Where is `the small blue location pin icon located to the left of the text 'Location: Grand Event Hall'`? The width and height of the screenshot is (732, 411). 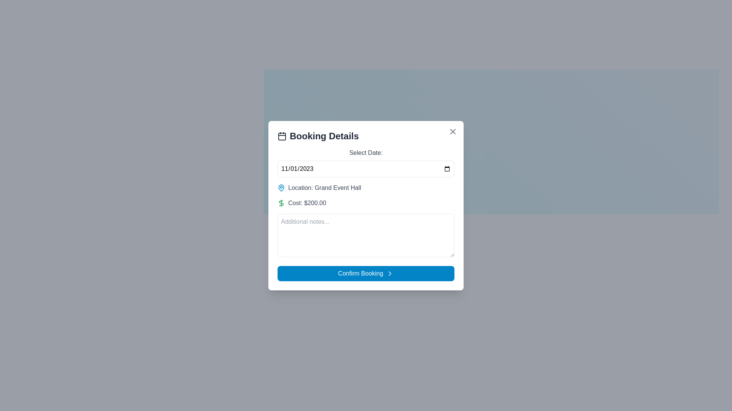
the small blue location pin icon located to the left of the text 'Location: Grand Event Hall' is located at coordinates (281, 188).